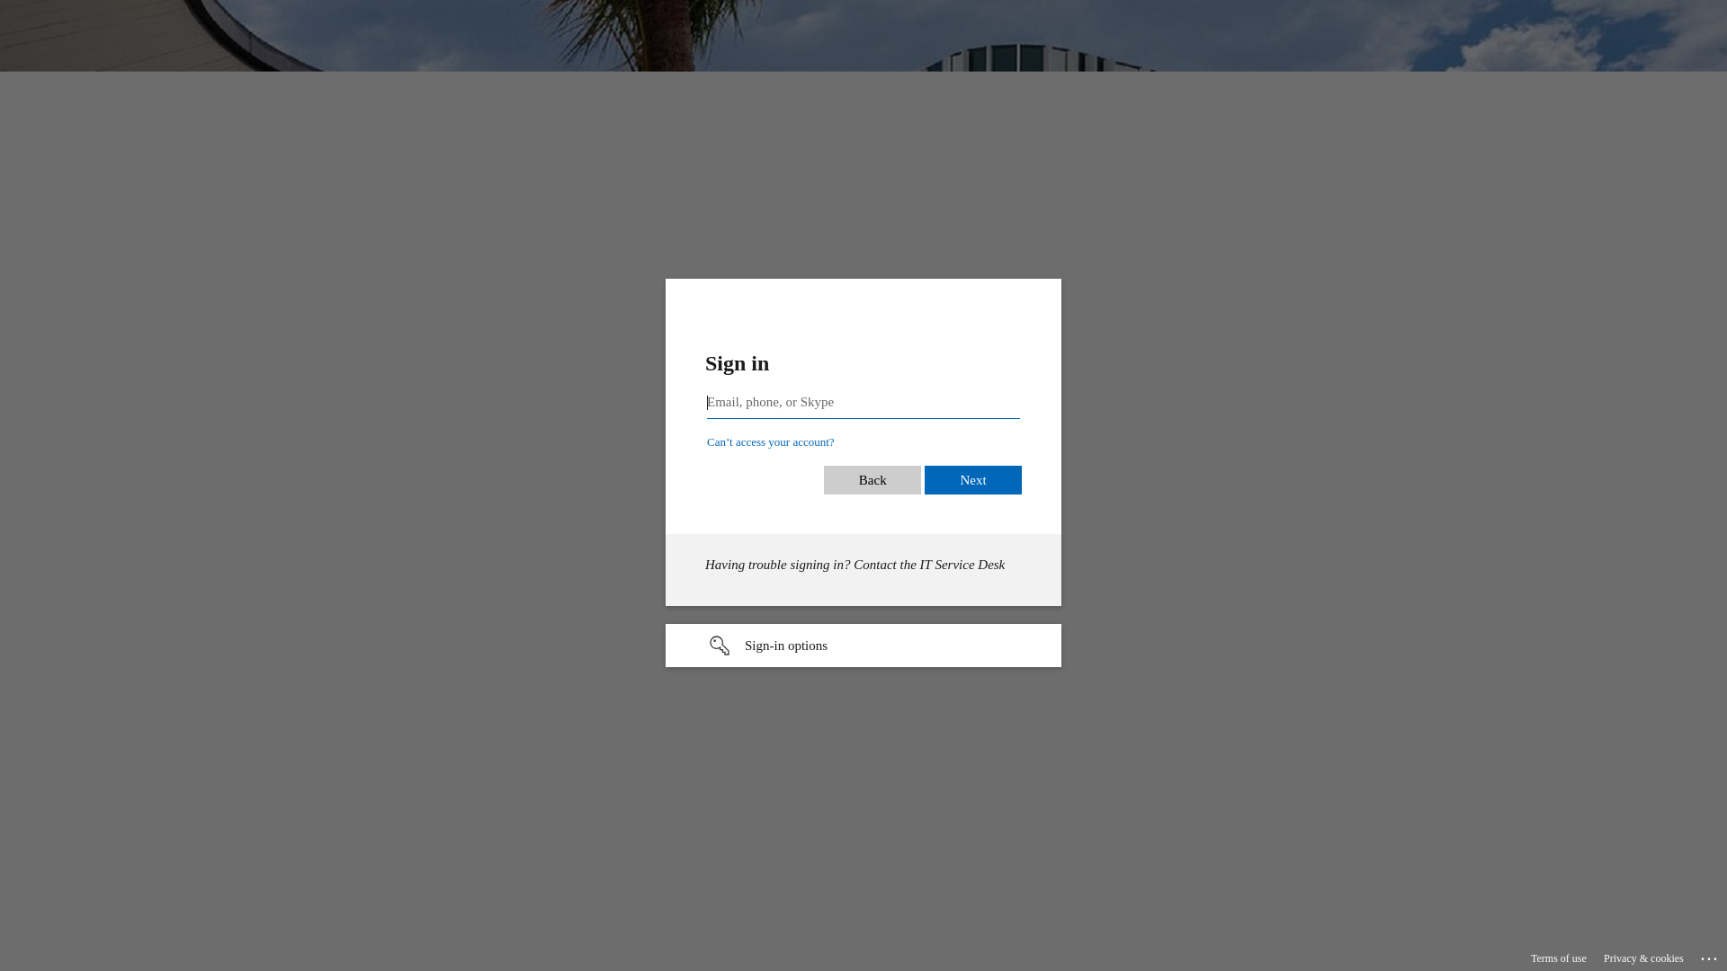 The image size is (1727, 971). I want to click on 'Next', so click(993, 478).